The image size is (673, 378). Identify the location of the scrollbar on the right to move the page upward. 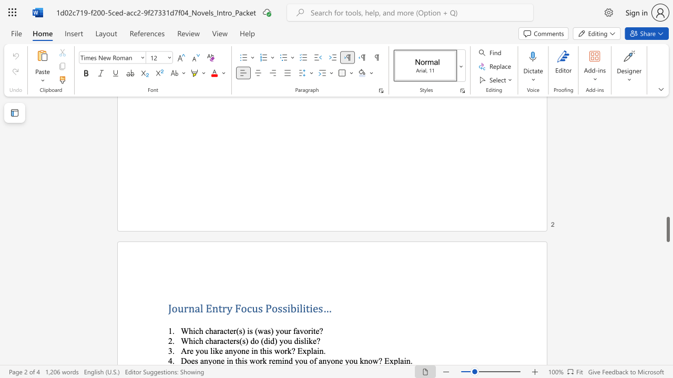
(667, 225).